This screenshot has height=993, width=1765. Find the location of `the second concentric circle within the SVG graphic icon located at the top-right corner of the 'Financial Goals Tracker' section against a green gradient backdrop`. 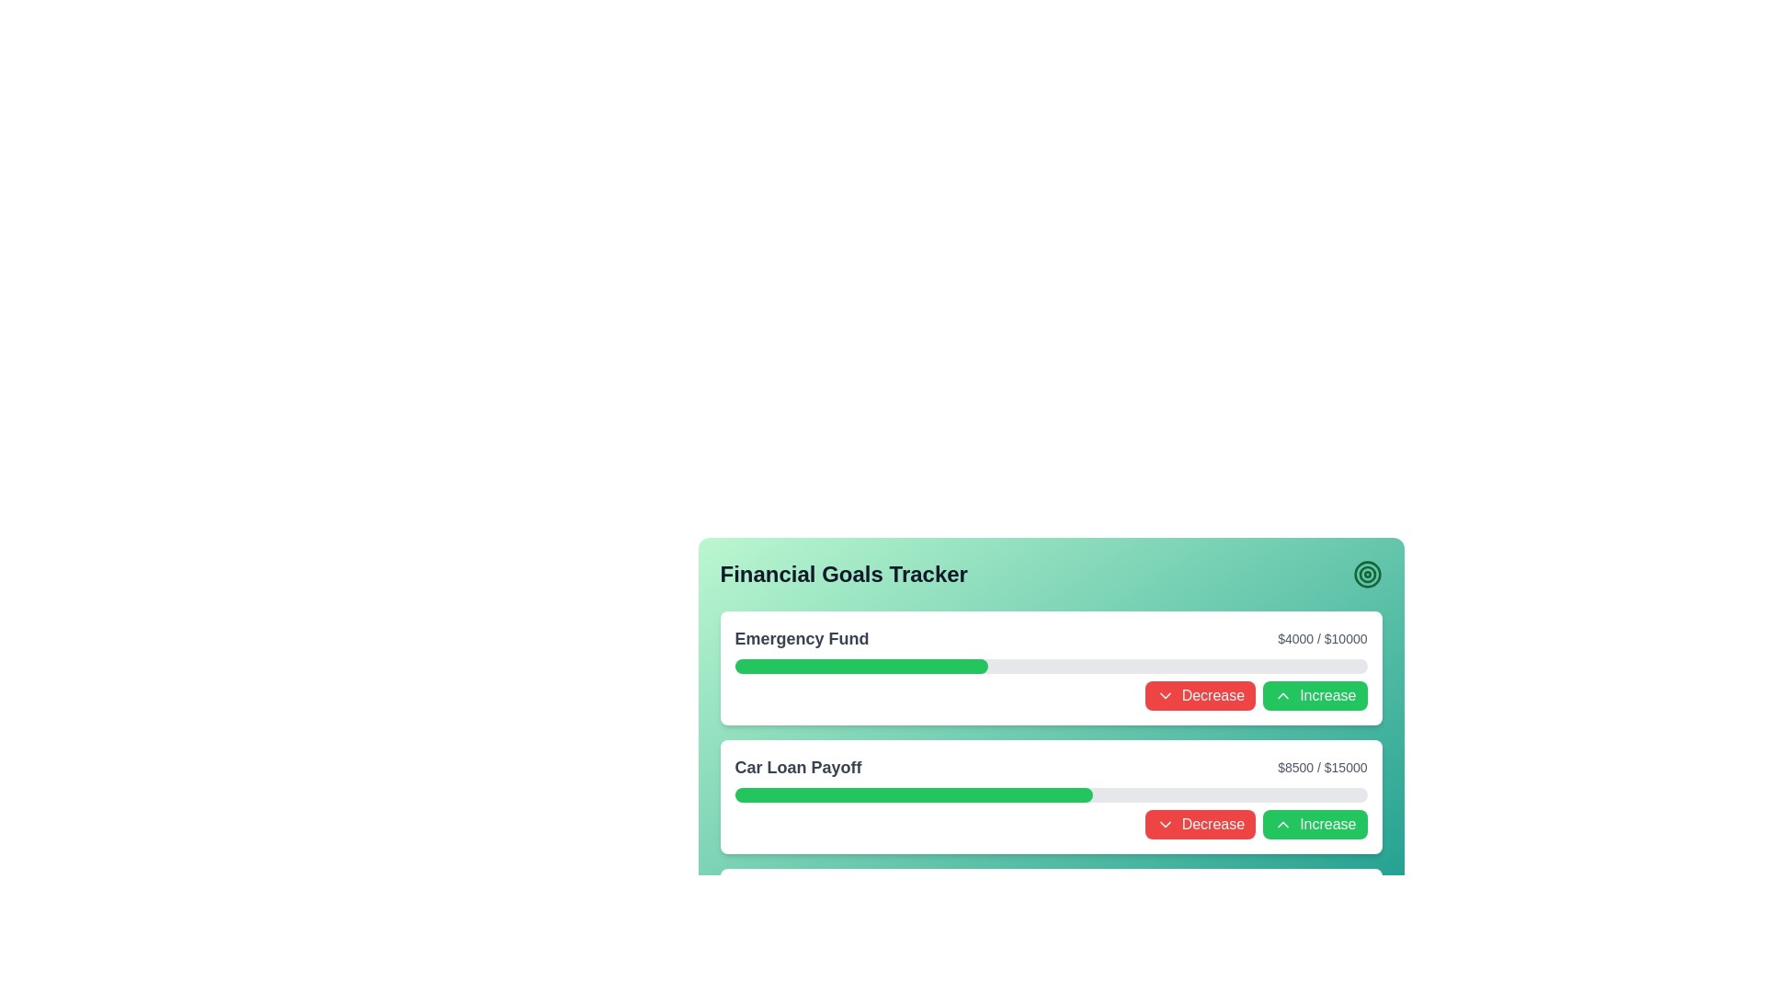

the second concentric circle within the SVG graphic icon located at the top-right corner of the 'Financial Goals Tracker' section against a green gradient backdrop is located at coordinates (1367, 573).